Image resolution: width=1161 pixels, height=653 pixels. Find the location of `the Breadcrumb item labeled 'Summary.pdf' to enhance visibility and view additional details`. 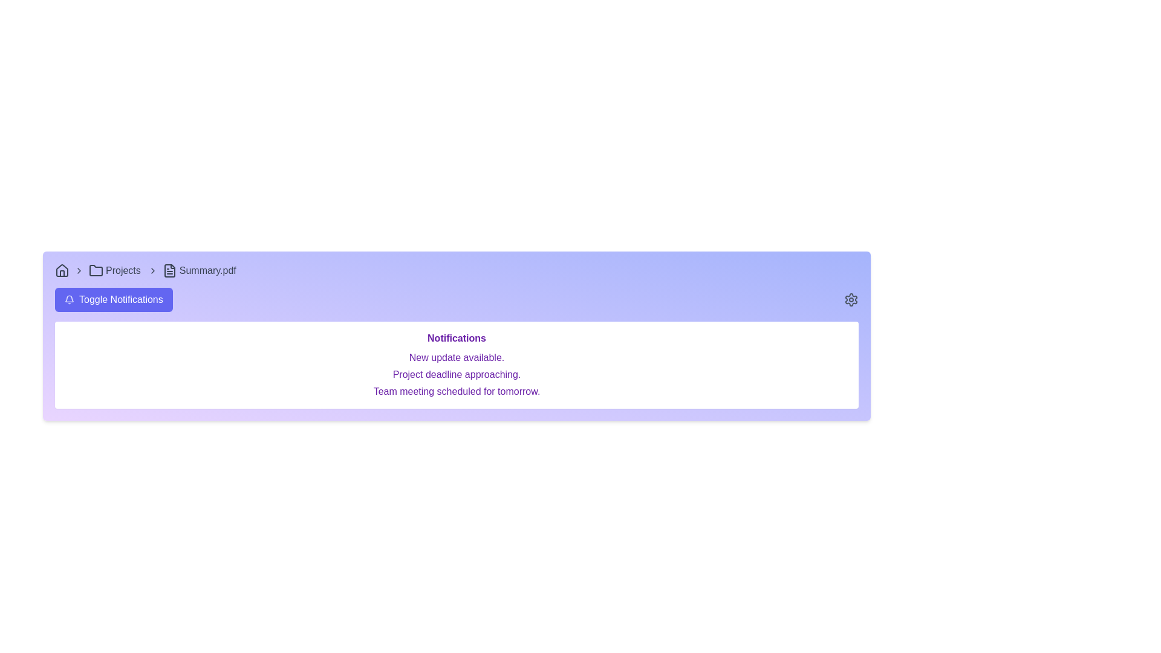

the Breadcrumb item labeled 'Summary.pdf' to enhance visibility and view additional details is located at coordinates (200, 270).